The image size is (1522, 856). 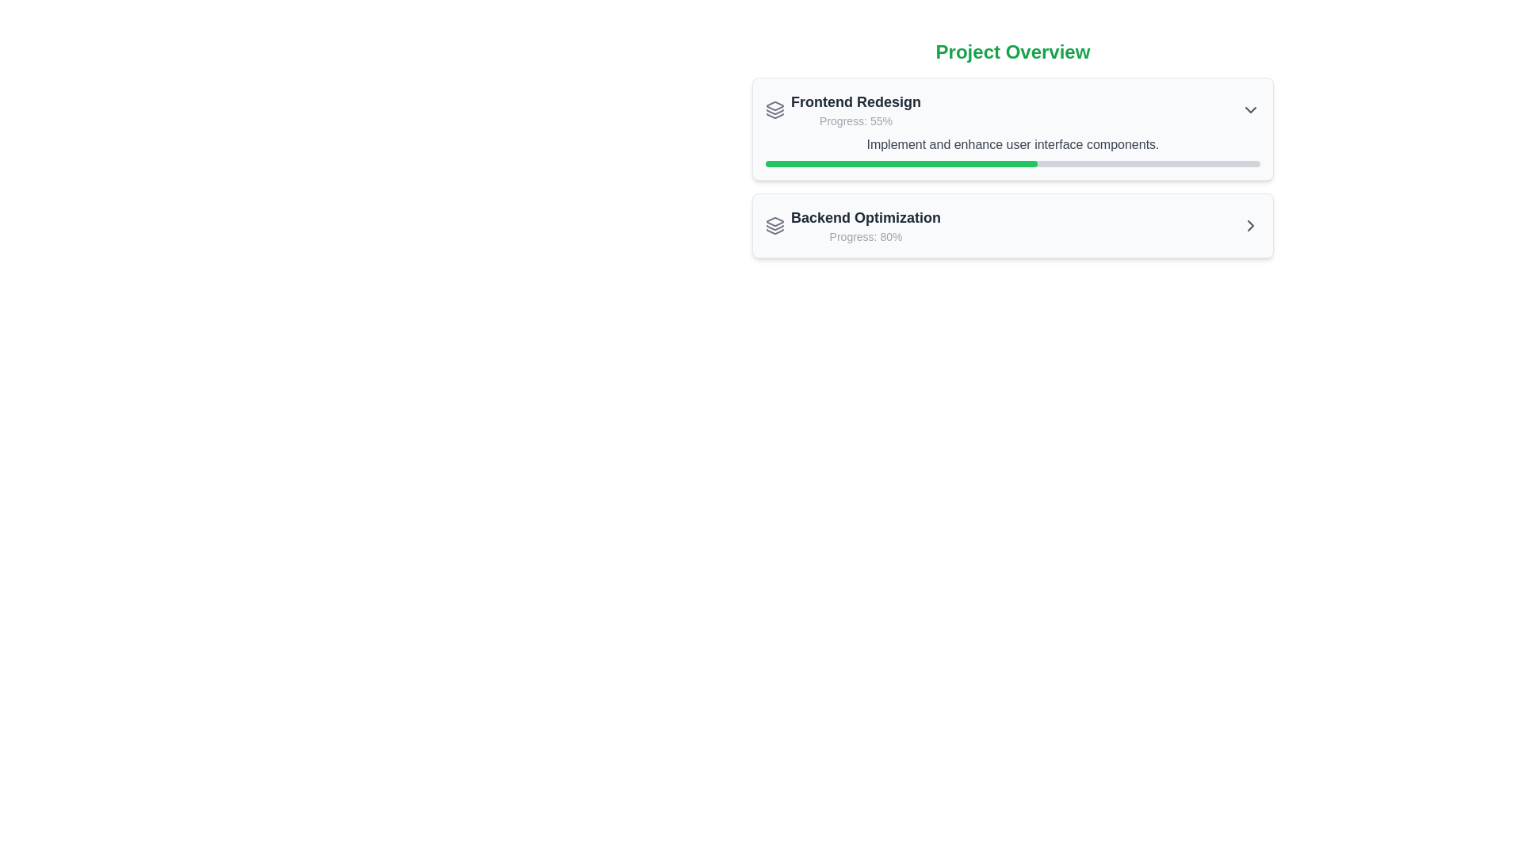 What do you see at coordinates (865, 217) in the screenshot?
I see `the text label displaying 'Backend Optimization'` at bounding box center [865, 217].